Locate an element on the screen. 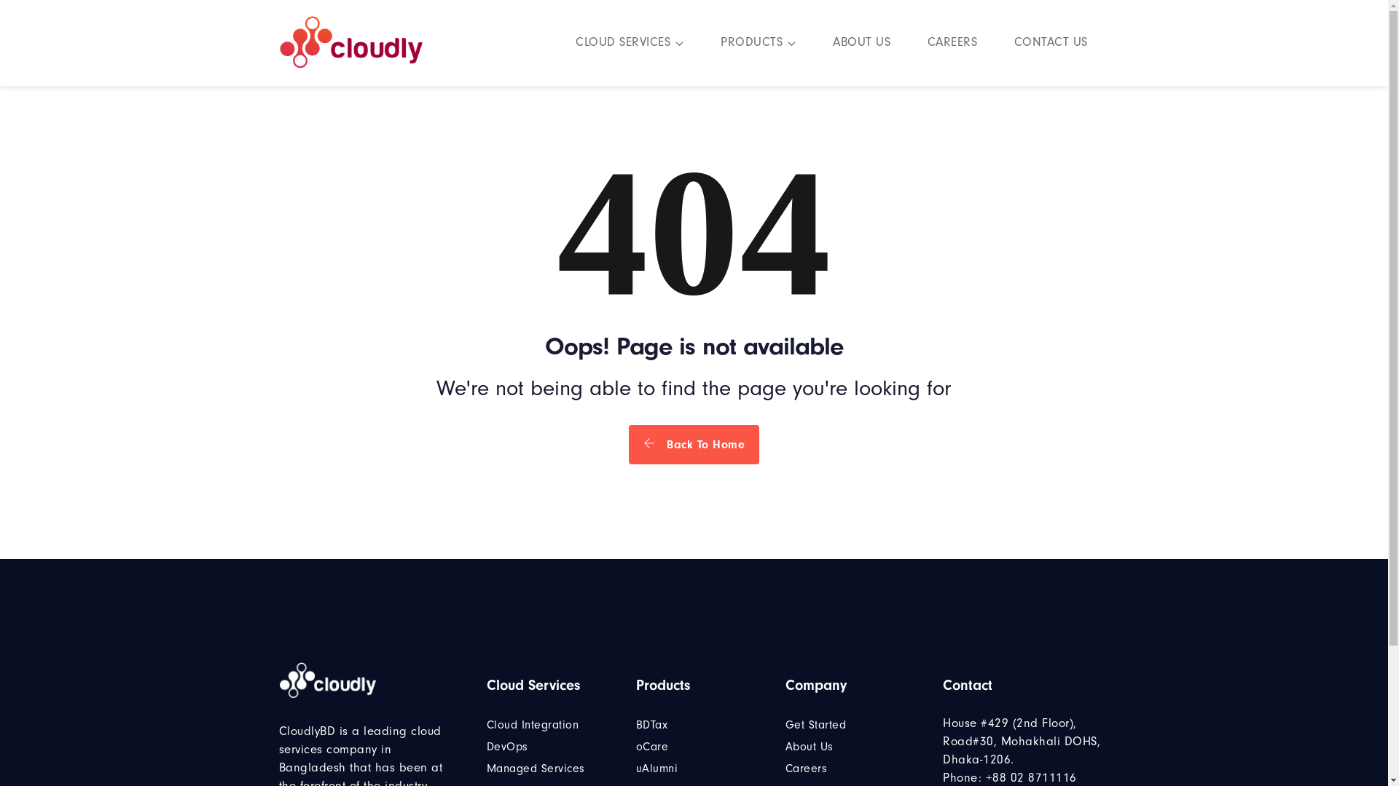 The width and height of the screenshot is (1399, 786). 'Get Started' is located at coordinates (815, 724).